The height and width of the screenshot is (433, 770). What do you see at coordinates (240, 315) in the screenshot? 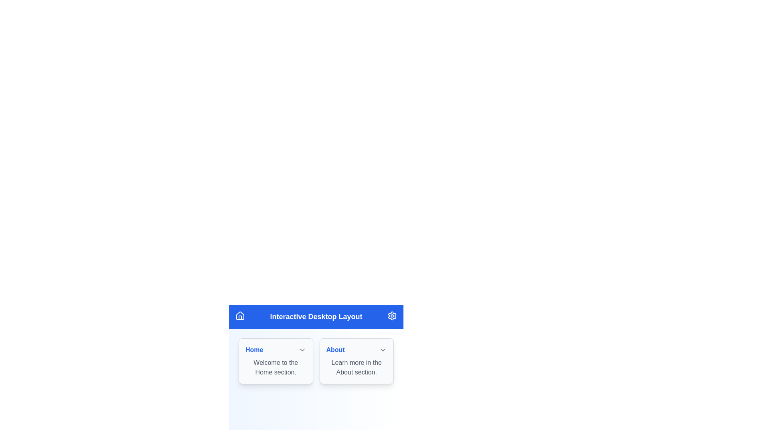
I see `the home button icon, which is located in the top-left corner of the blue horizontal bar at the top of the interface` at bounding box center [240, 315].